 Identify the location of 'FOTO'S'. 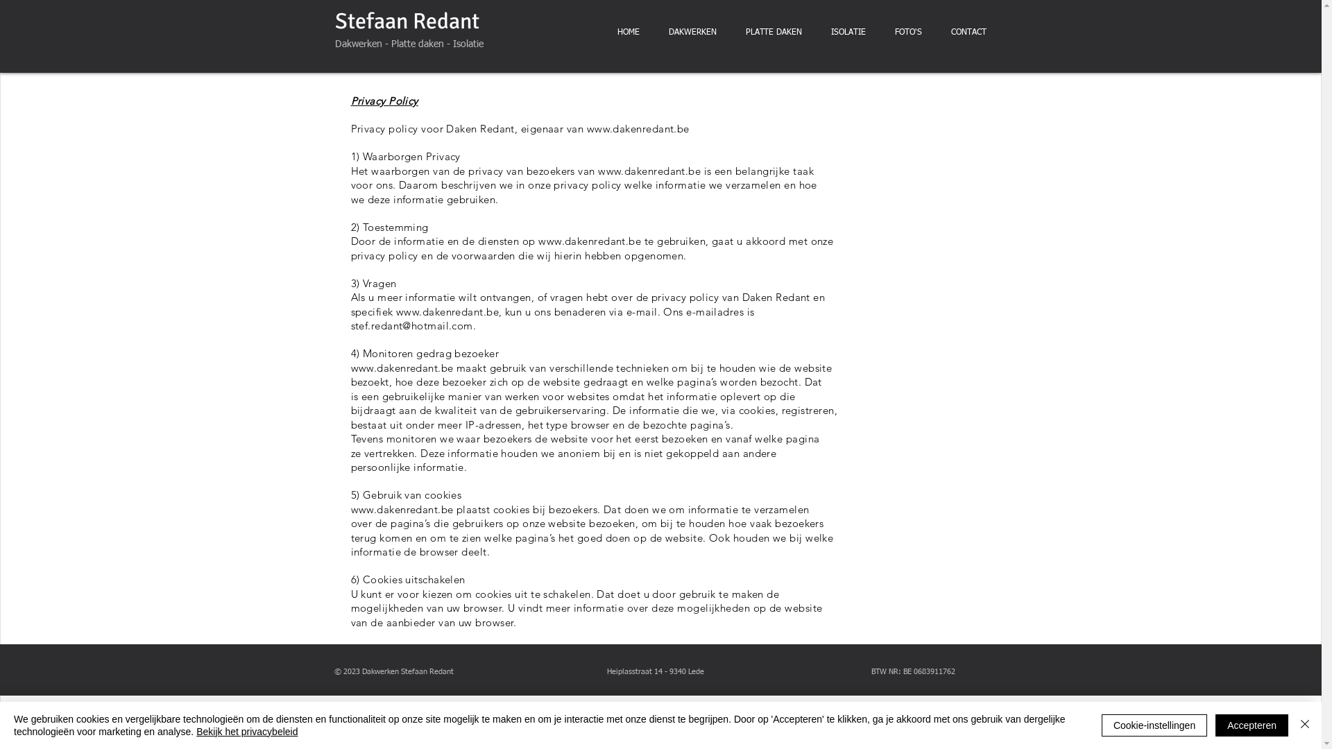
(907, 32).